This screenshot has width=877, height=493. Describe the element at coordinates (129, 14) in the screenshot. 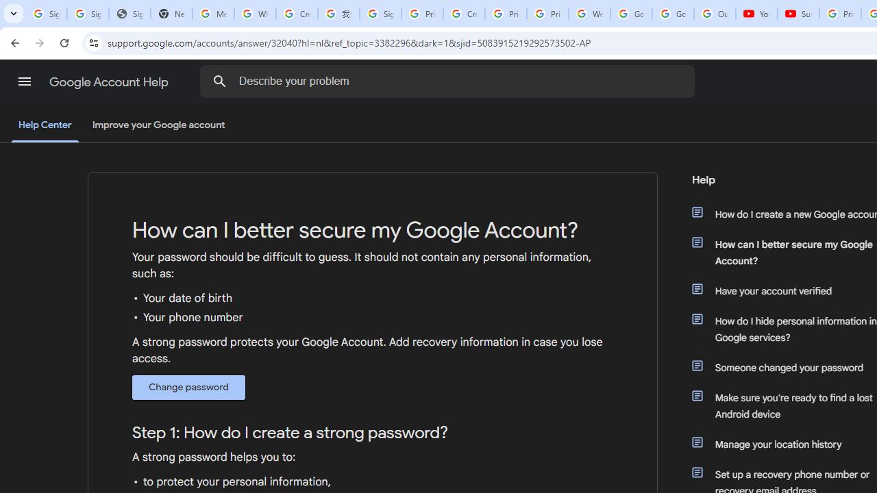

I see `'Sign In - USA TODAY'` at that location.